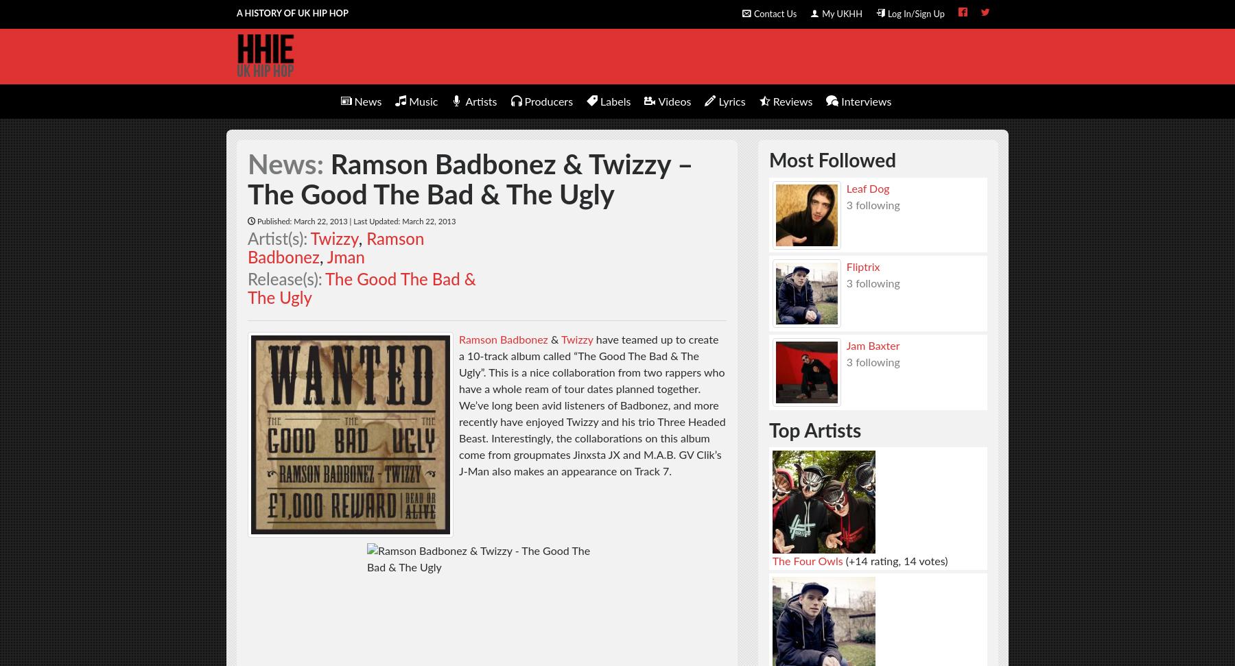 This screenshot has height=666, width=1235. Describe the element at coordinates (814, 430) in the screenshot. I see `'Top Artists'` at that location.